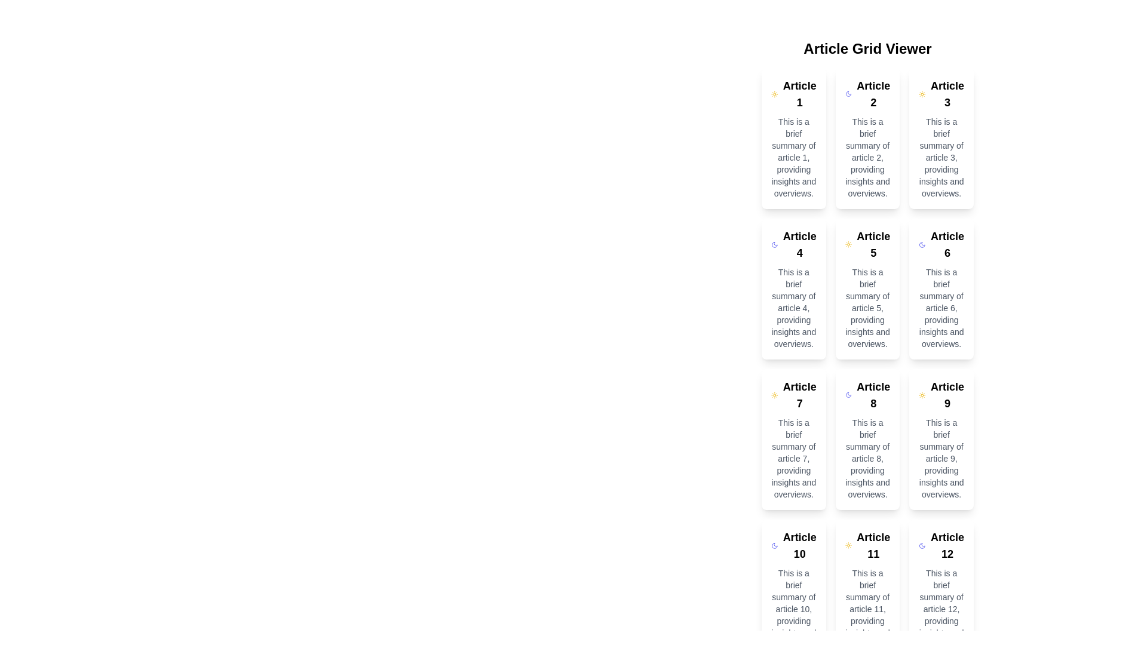  Describe the element at coordinates (793, 244) in the screenshot. I see `displayed text of the header or title element located in the second row and first column of the article card` at that location.